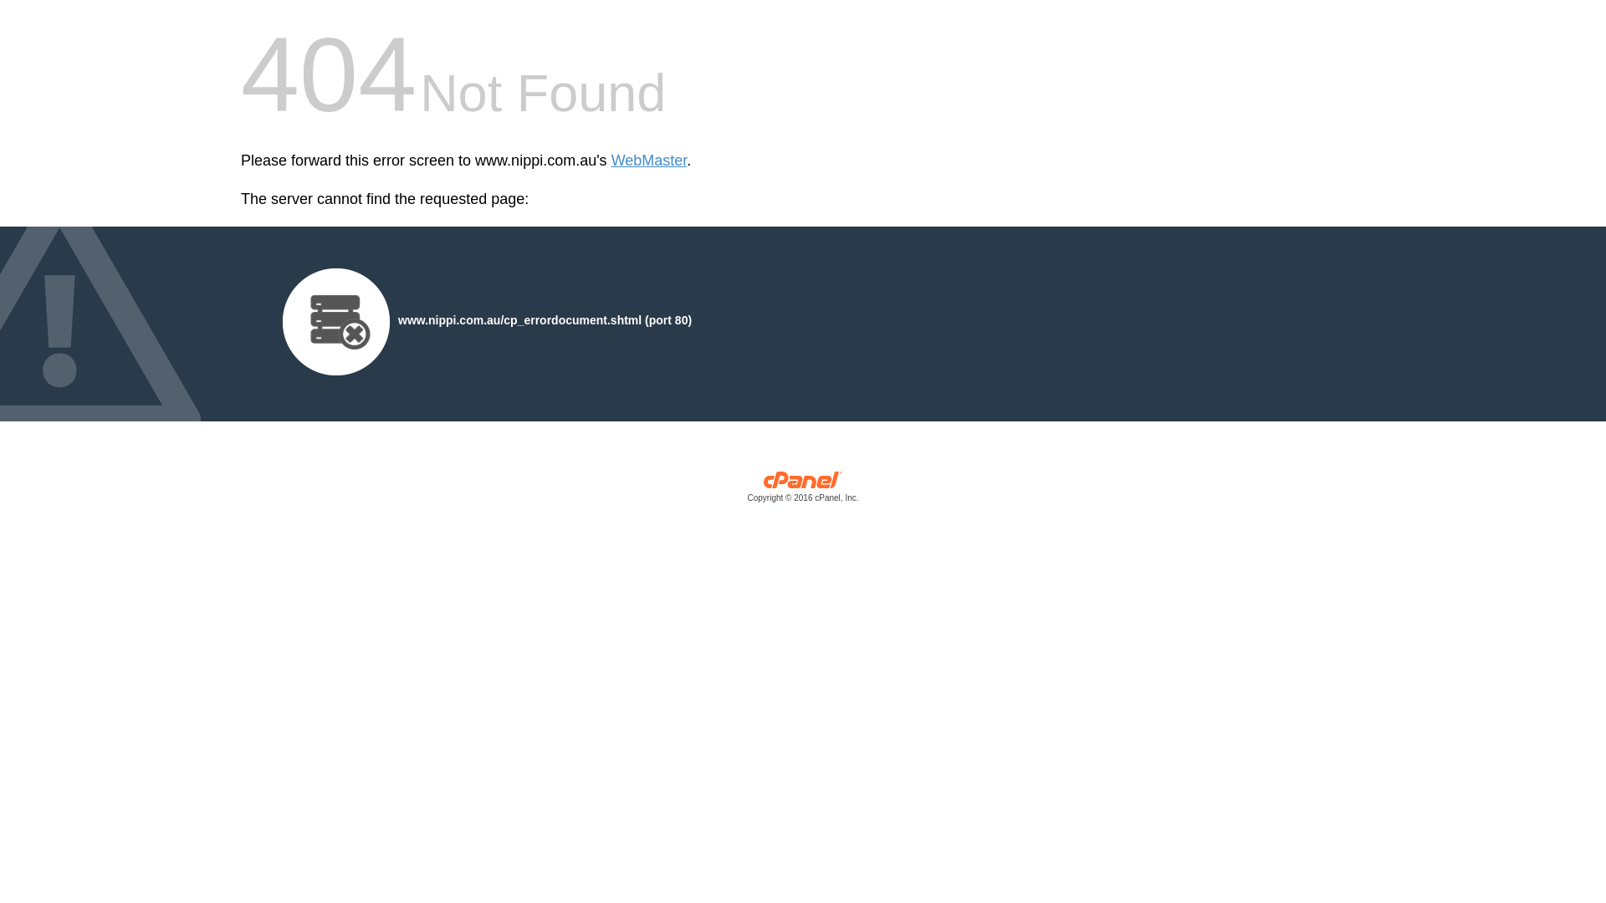 The image size is (1606, 903). I want to click on 'WebMaster', so click(648, 161).